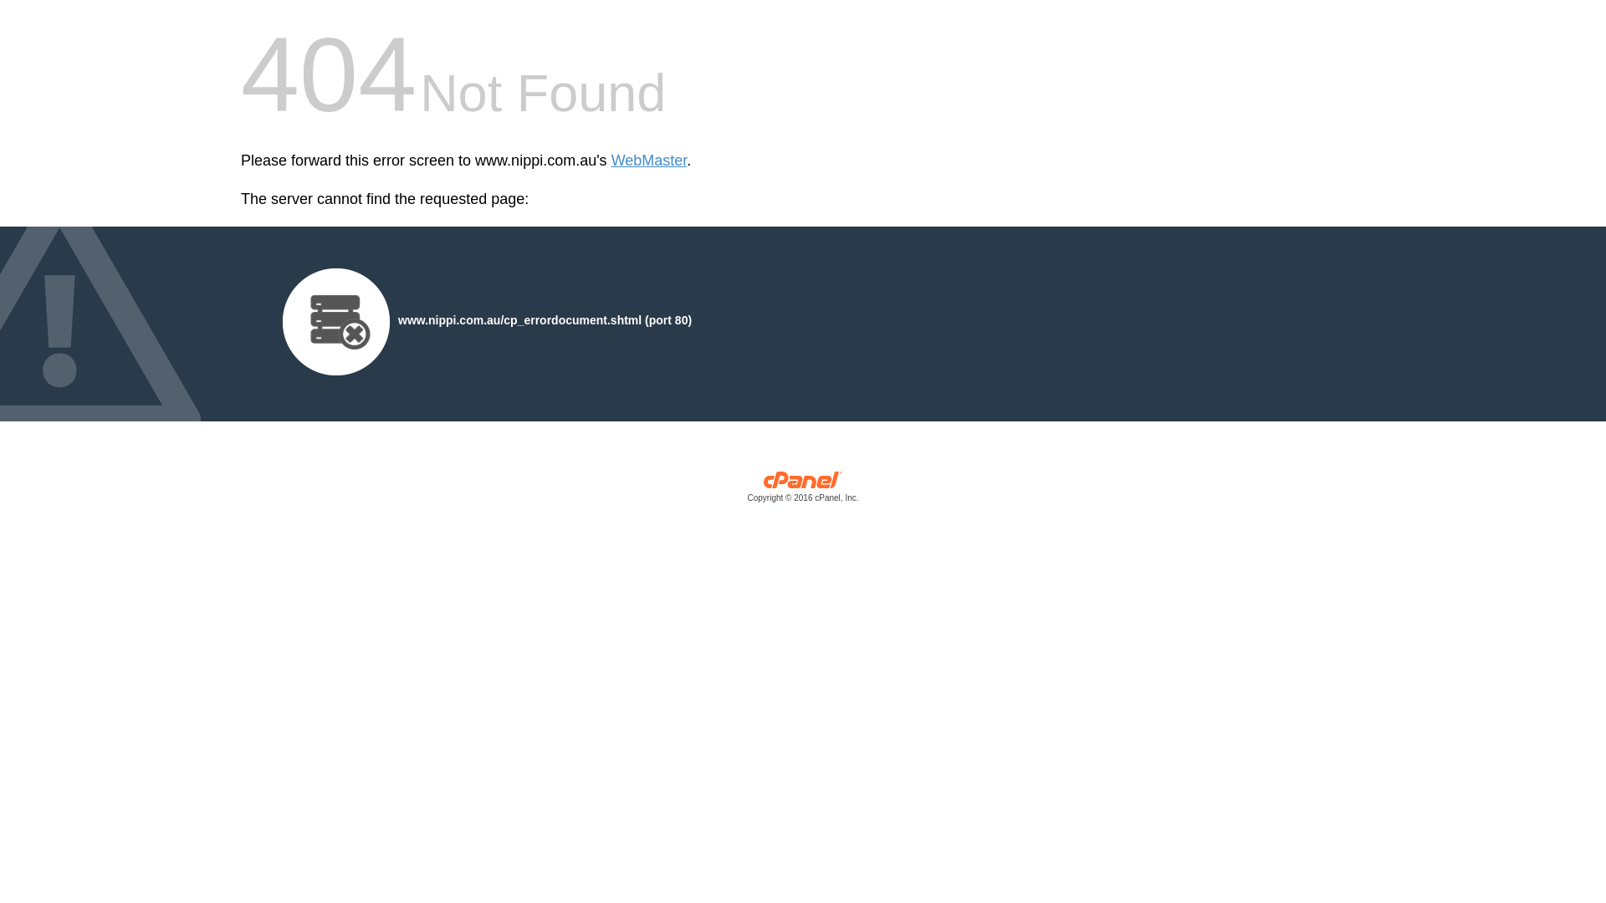 The image size is (1606, 903). I want to click on 'WebMaster', so click(648, 161).